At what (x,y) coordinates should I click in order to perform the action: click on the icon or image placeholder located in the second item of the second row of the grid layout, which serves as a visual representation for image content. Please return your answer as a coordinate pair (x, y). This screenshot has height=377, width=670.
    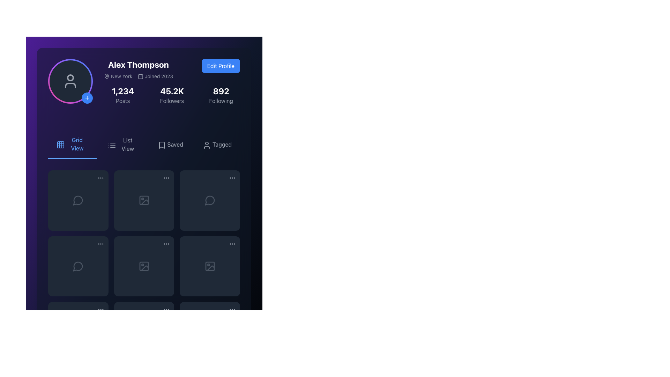
    Looking at the image, I should click on (143, 200).